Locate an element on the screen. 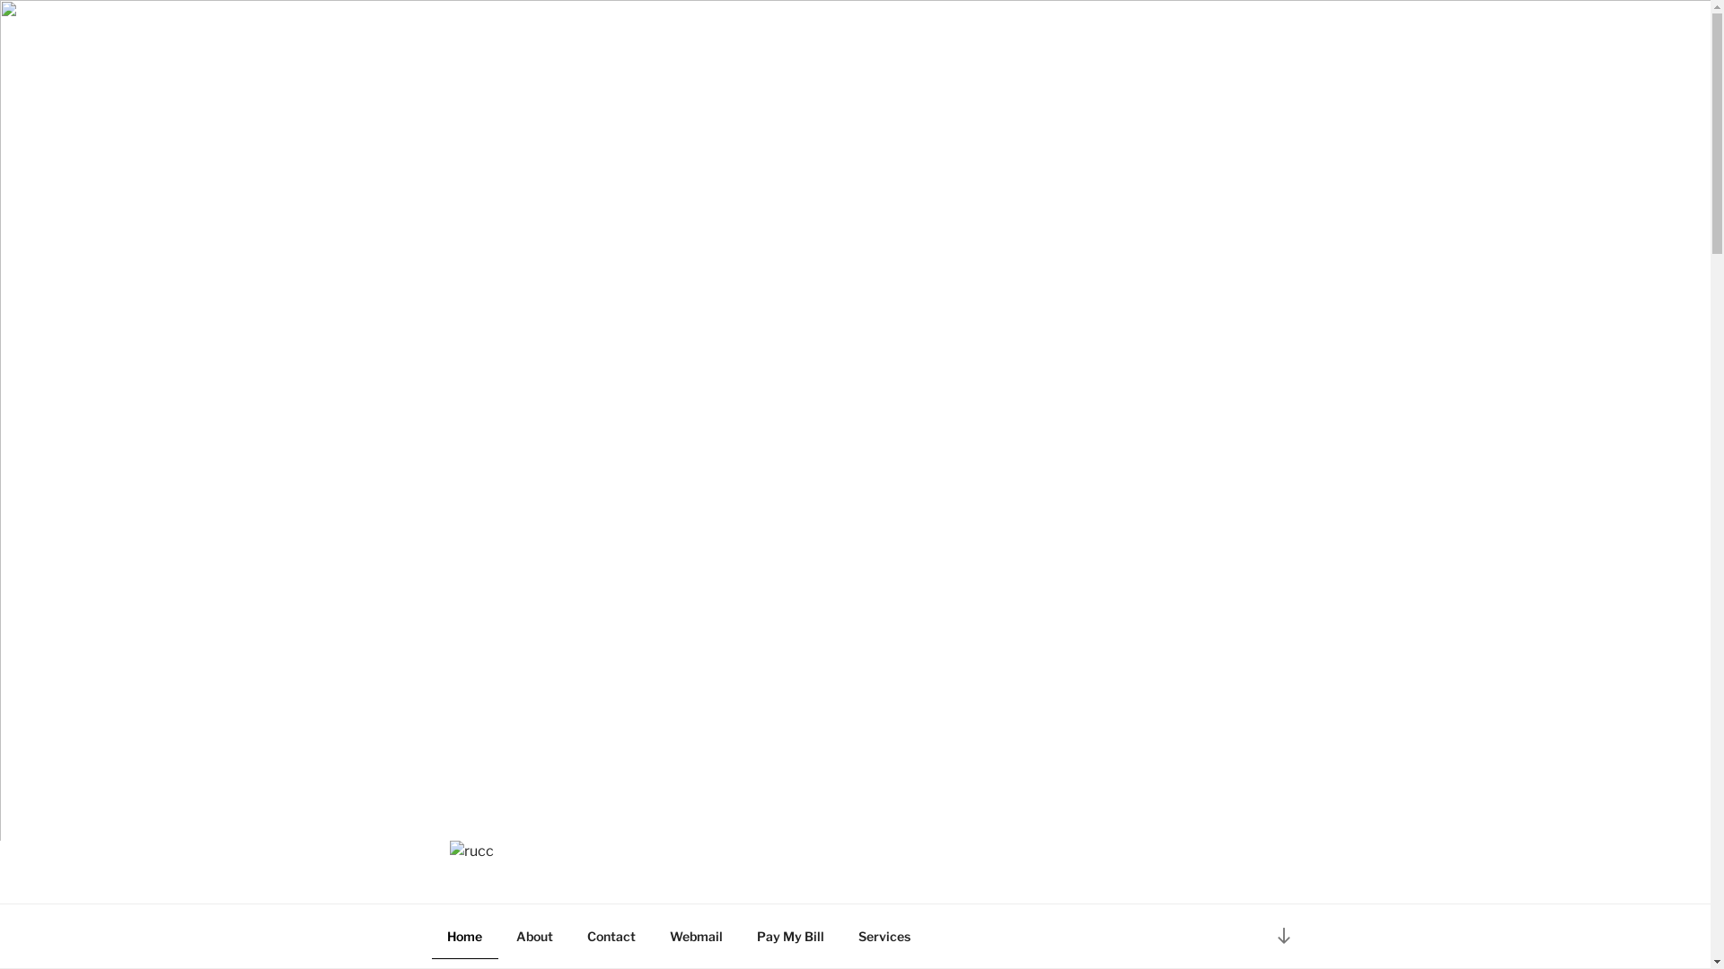 Image resolution: width=1724 pixels, height=969 pixels. 'About' is located at coordinates (500, 934).